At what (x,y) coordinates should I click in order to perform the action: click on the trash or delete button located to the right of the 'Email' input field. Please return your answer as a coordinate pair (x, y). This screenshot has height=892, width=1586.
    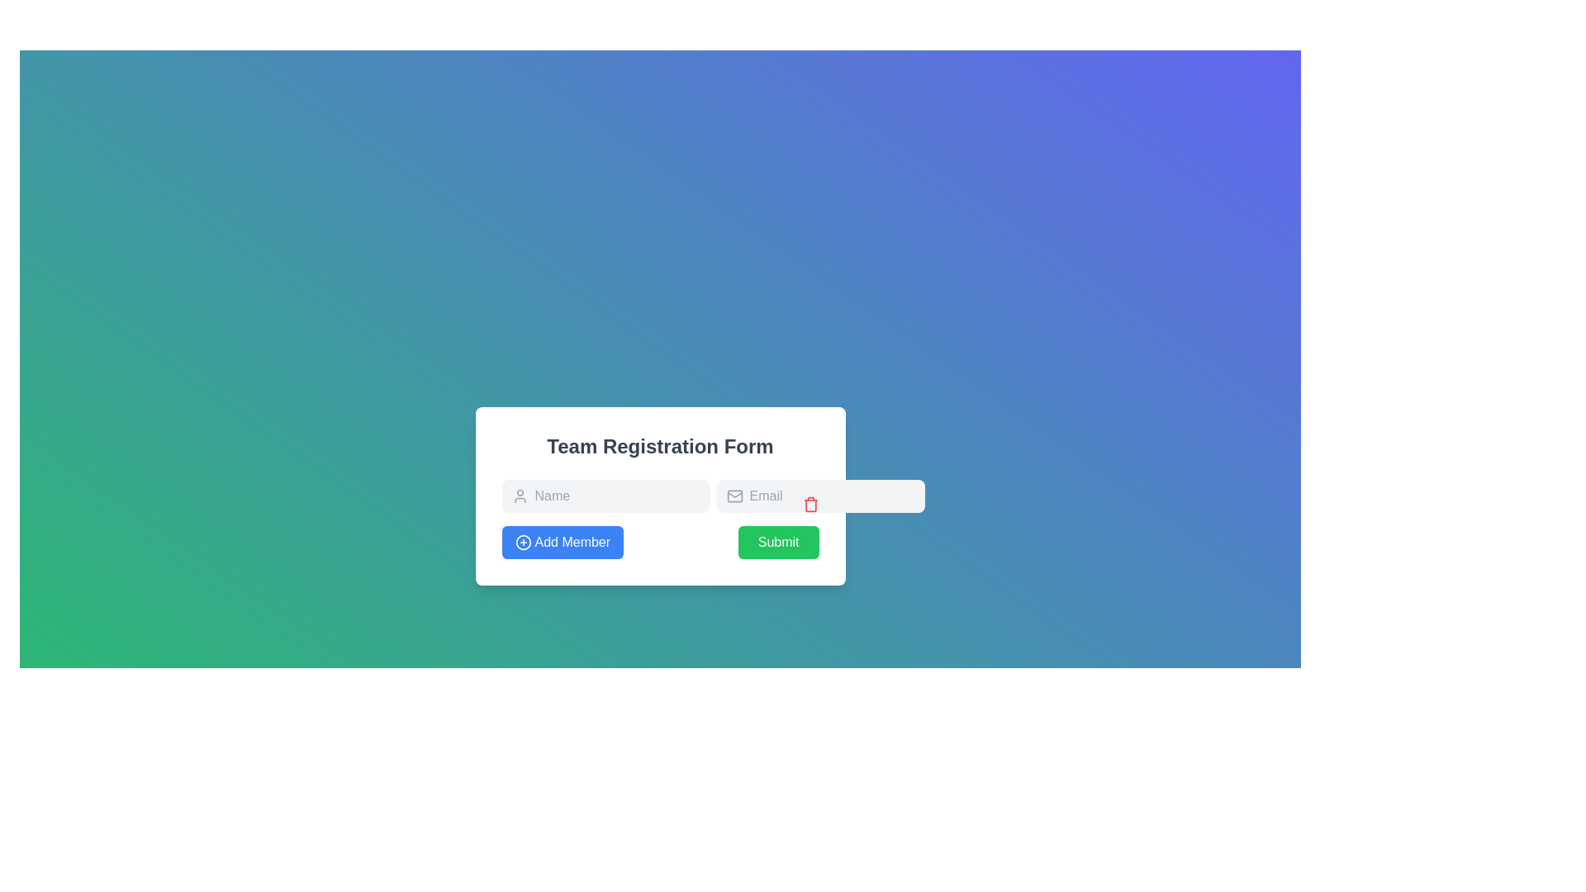
    Looking at the image, I should click on (810, 503).